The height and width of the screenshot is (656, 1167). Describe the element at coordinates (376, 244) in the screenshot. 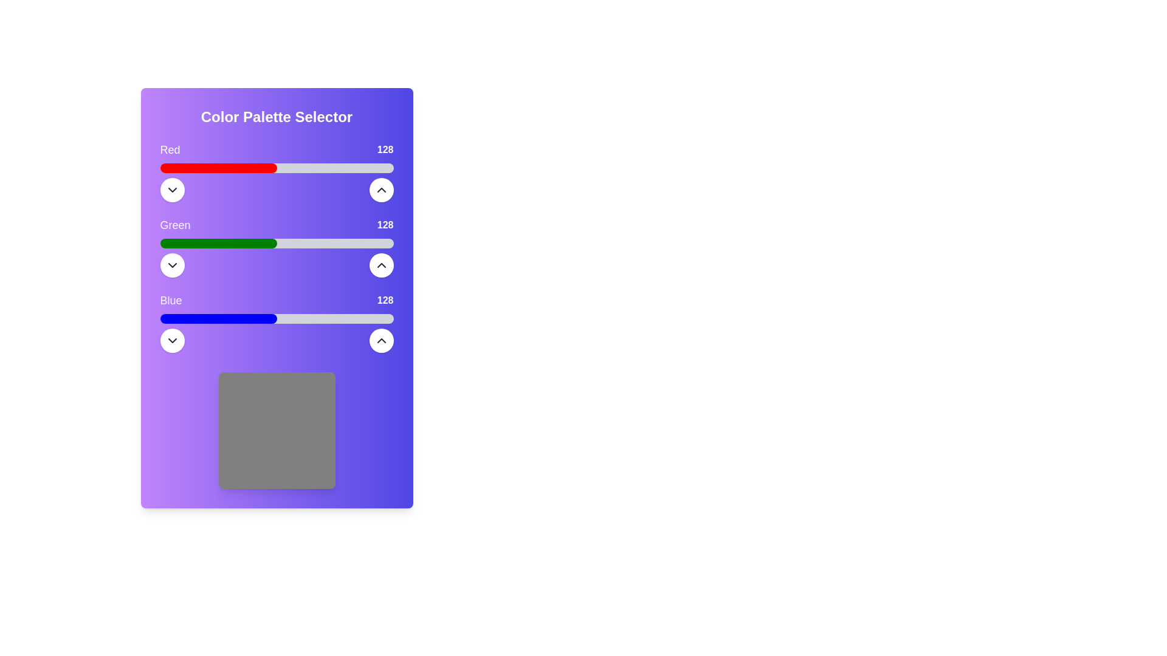

I see `the green component of the color` at that location.